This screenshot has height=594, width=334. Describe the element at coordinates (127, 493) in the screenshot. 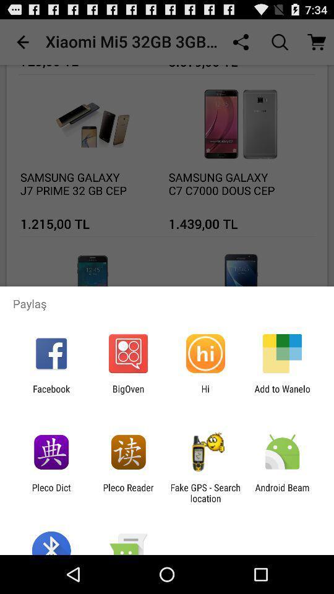

I see `app next to the pleco dict` at that location.